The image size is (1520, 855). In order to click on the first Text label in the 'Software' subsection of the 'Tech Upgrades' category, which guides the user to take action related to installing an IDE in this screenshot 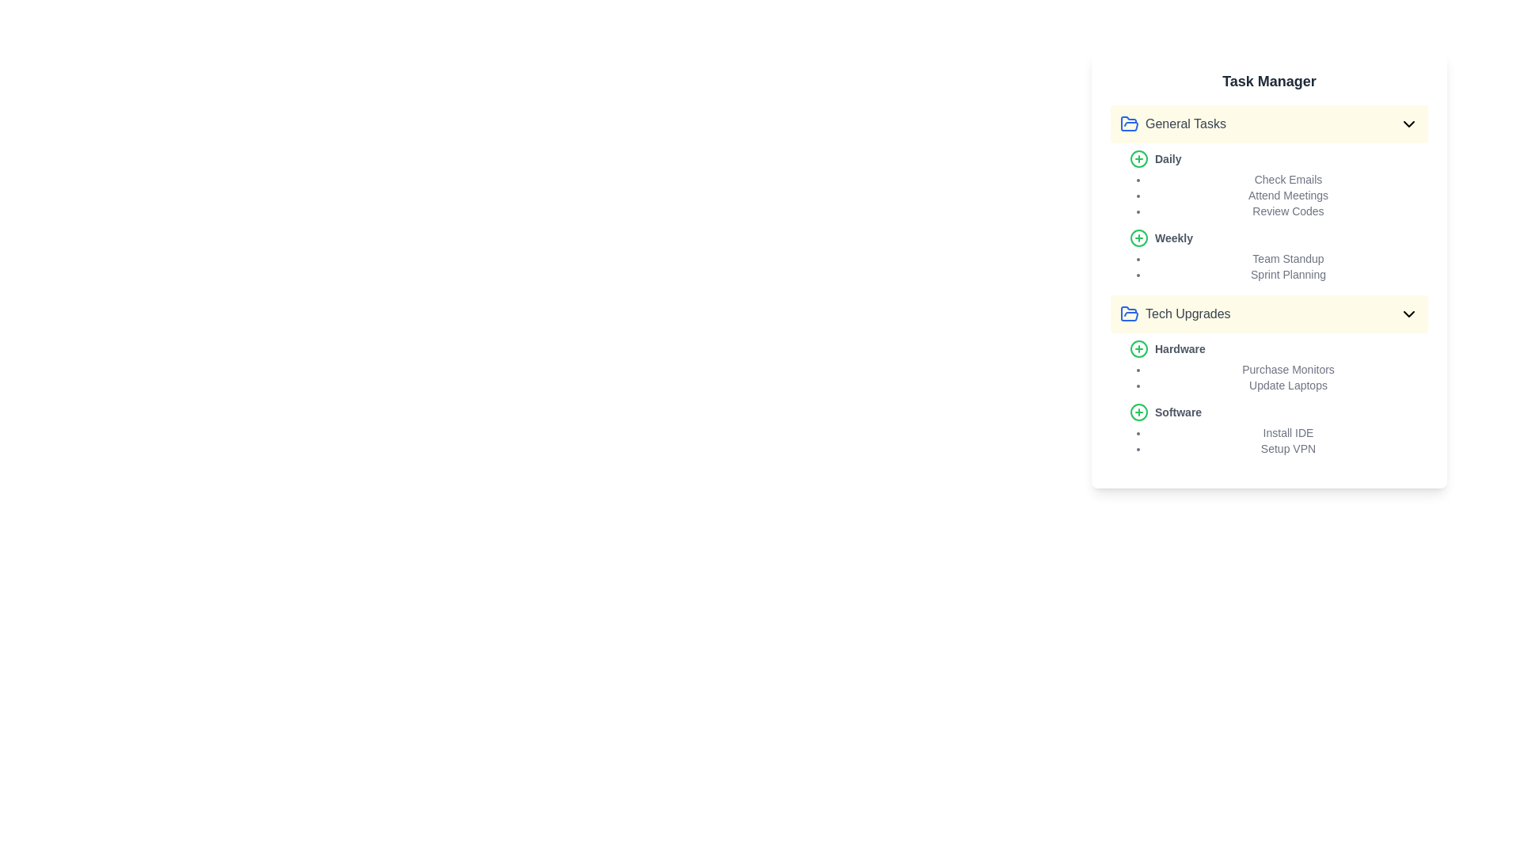, I will do `click(1288, 433)`.